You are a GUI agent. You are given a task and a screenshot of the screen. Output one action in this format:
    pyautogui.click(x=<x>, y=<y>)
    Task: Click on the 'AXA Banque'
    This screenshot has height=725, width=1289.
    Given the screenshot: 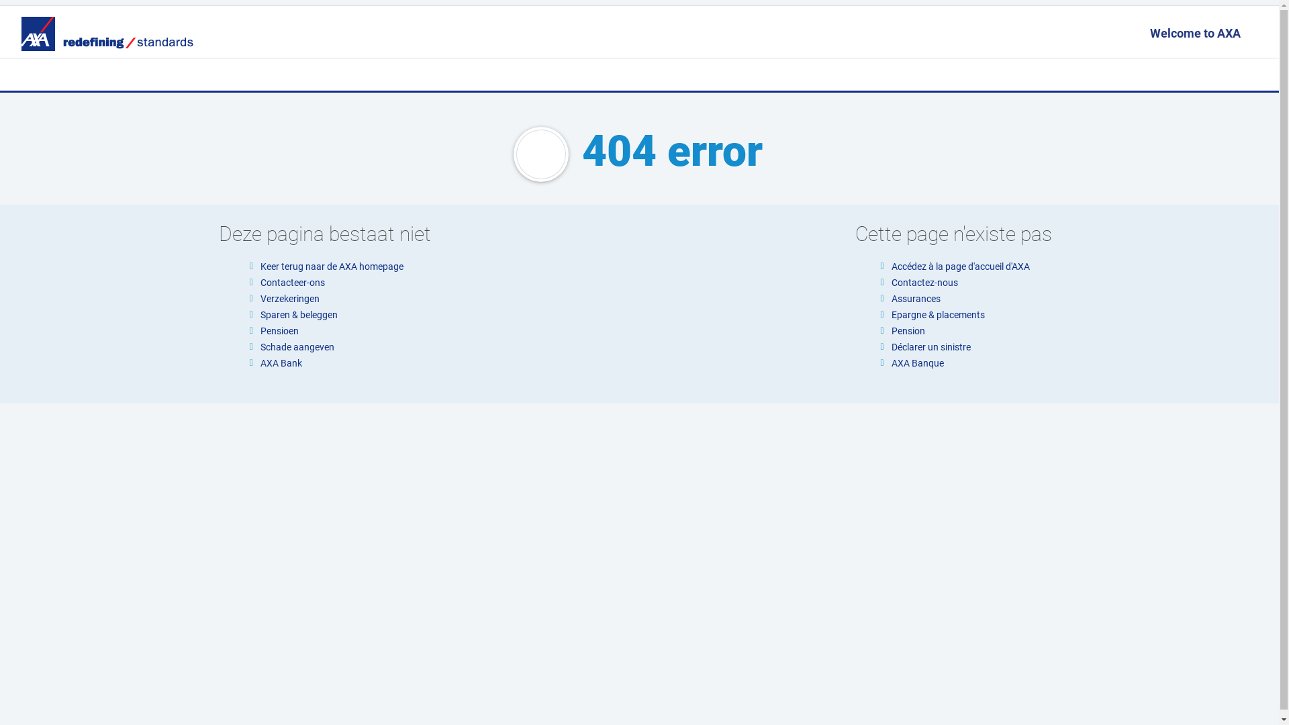 What is the action you would take?
    pyautogui.click(x=892, y=362)
    